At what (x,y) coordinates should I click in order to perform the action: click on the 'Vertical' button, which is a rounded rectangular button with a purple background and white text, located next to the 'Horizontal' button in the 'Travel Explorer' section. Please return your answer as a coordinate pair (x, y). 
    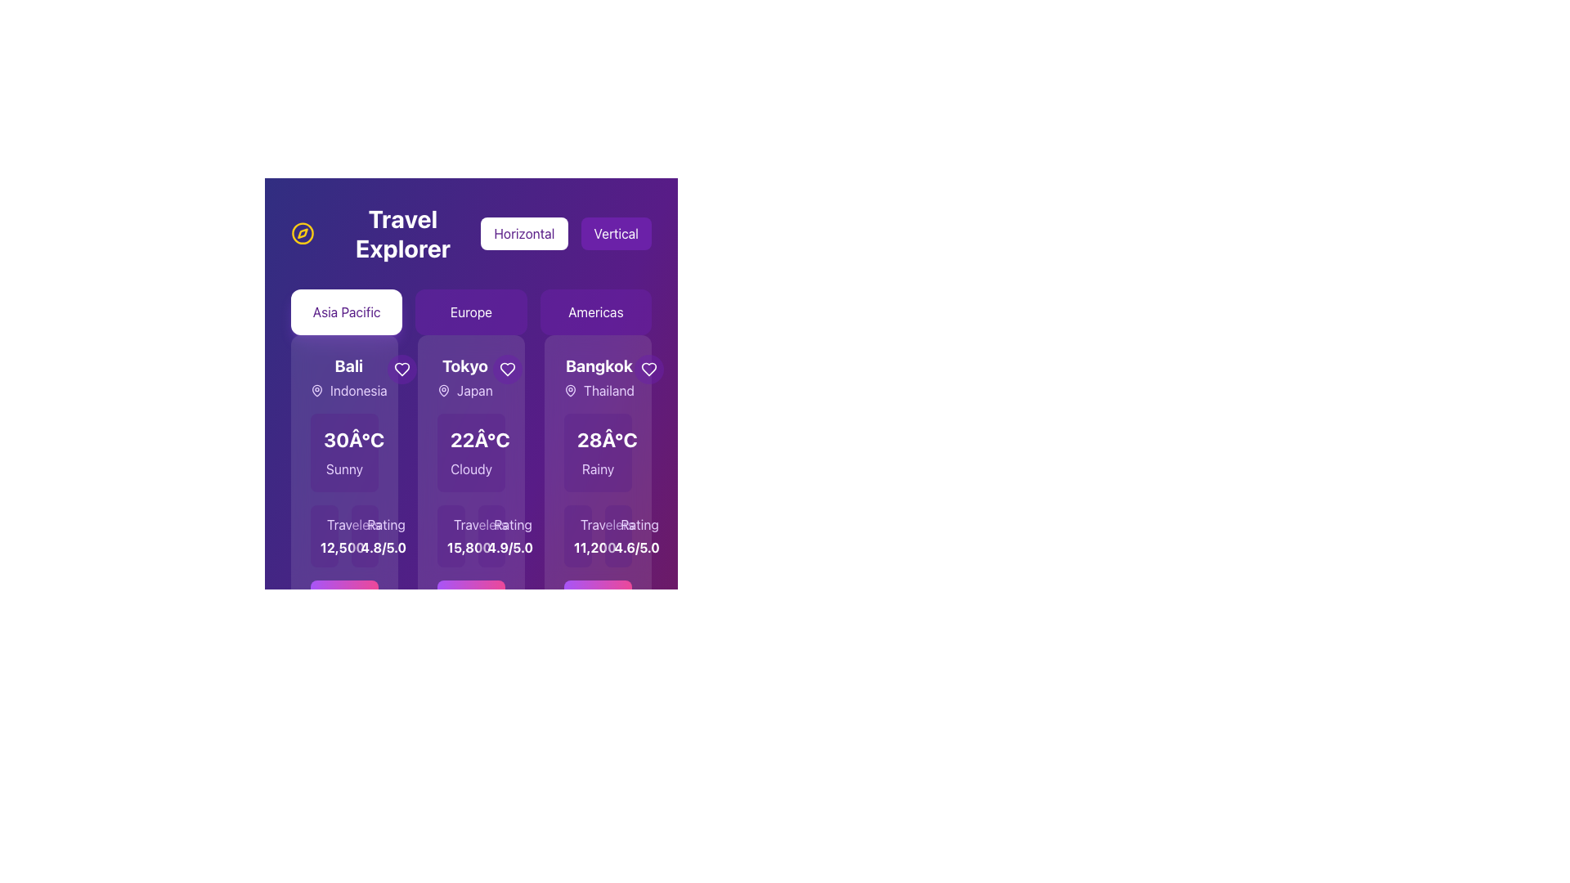
    Looking at the image, I should click on (615, 233).